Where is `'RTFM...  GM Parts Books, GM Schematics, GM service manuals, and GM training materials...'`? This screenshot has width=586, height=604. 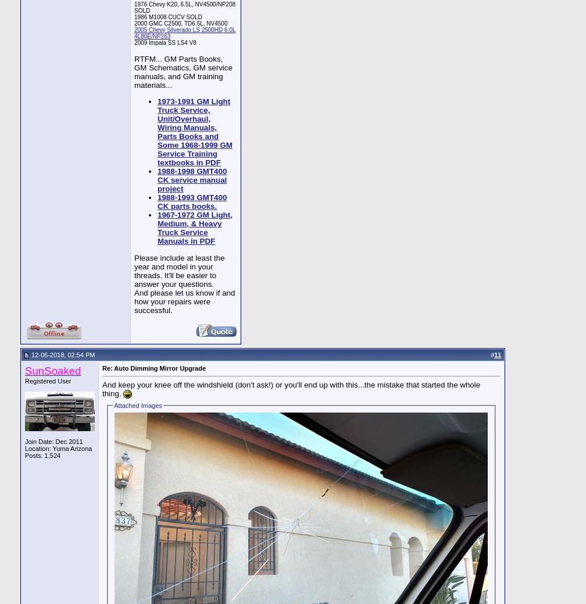
'RTFM...  GM Parts Books, GM Schematics, GM service manuals, and GM training materials...' is located at coordinates (183, 71).